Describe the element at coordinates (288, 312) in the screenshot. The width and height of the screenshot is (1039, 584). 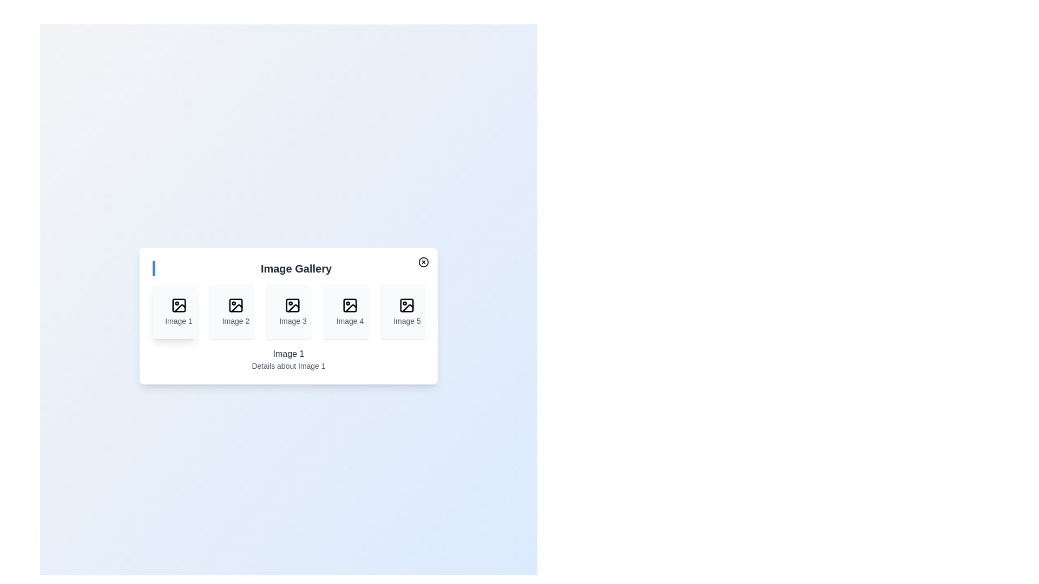
I see `the image thumbnail corresponding to 3` at that location.